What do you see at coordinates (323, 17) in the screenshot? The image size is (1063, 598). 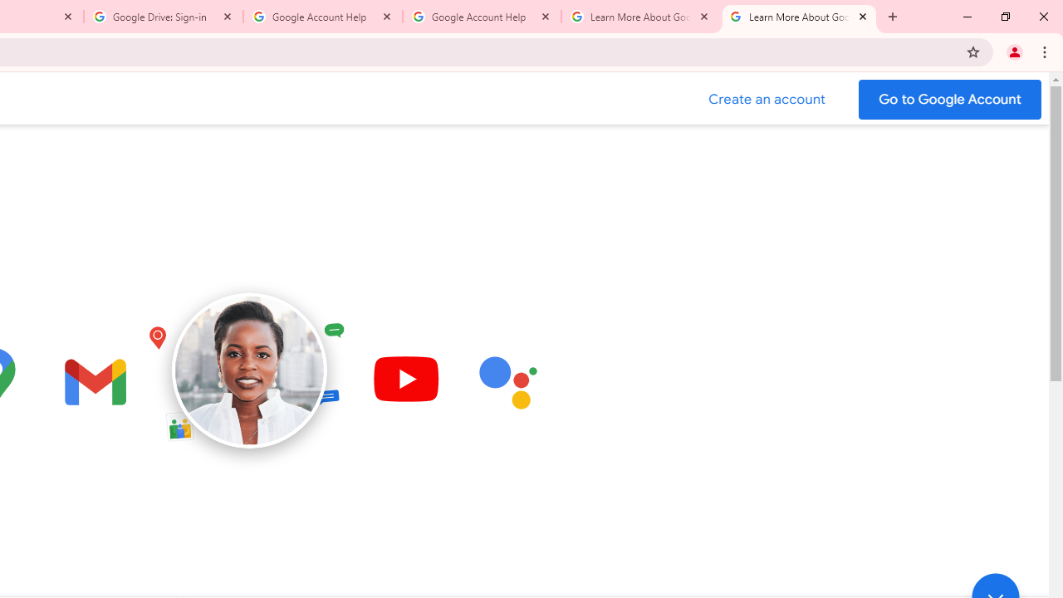 I see `'Google Account Help'` at bounding box center [323, 17].